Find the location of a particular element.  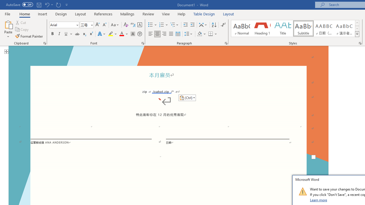

'Align Right' is located at coordinates (164, 34).